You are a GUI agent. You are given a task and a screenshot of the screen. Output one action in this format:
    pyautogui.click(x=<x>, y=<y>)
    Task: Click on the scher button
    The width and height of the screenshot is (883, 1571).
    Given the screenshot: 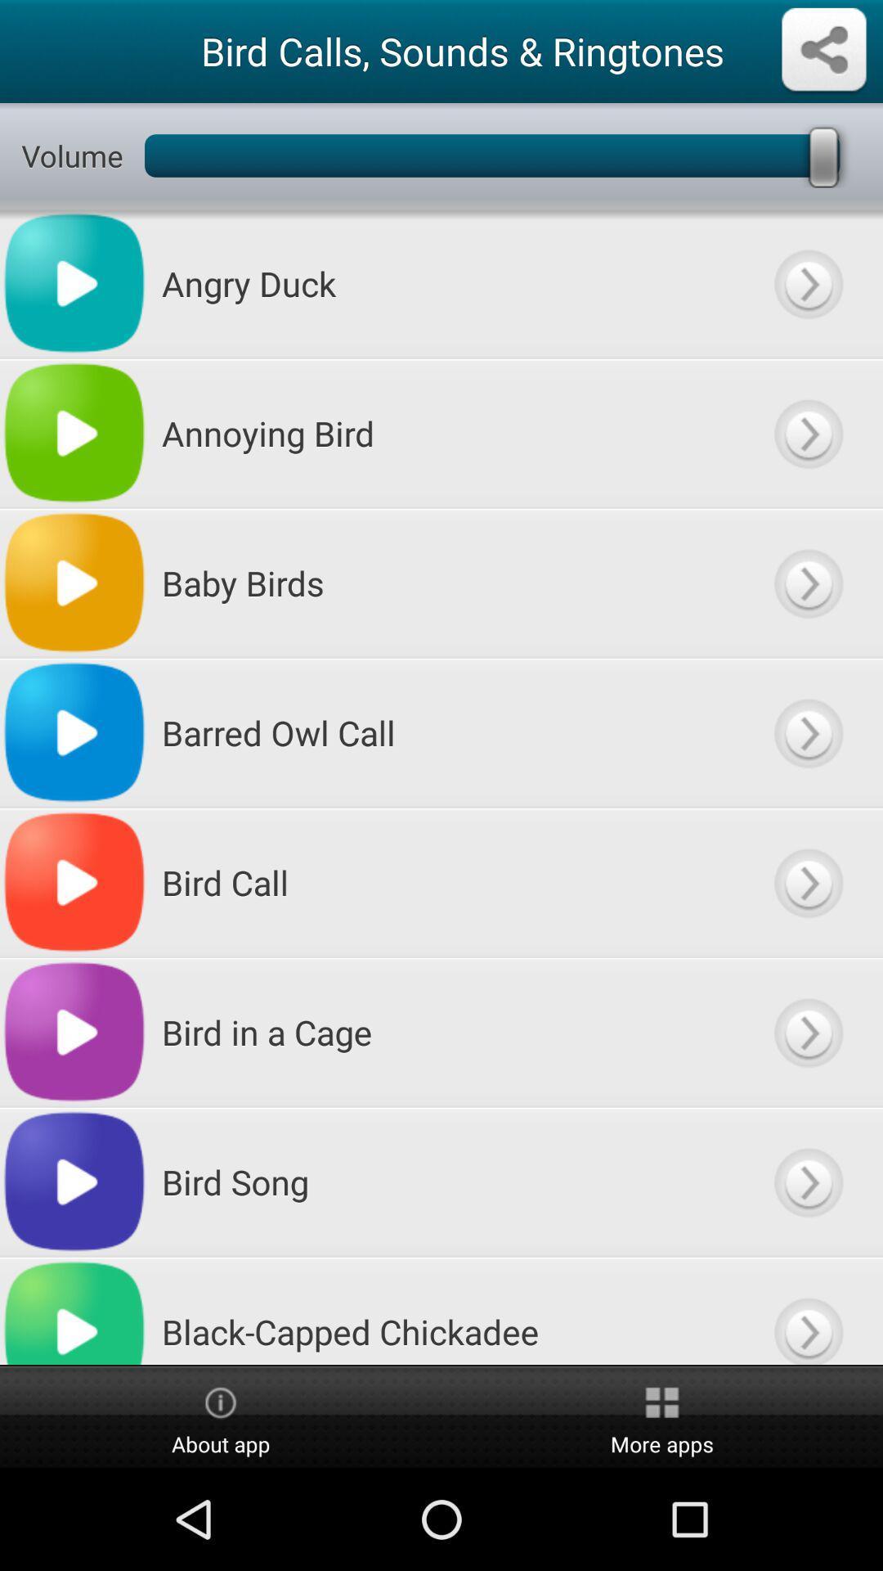 What is the action you would take?
    pyautogui.click(x=823, y=51)
    